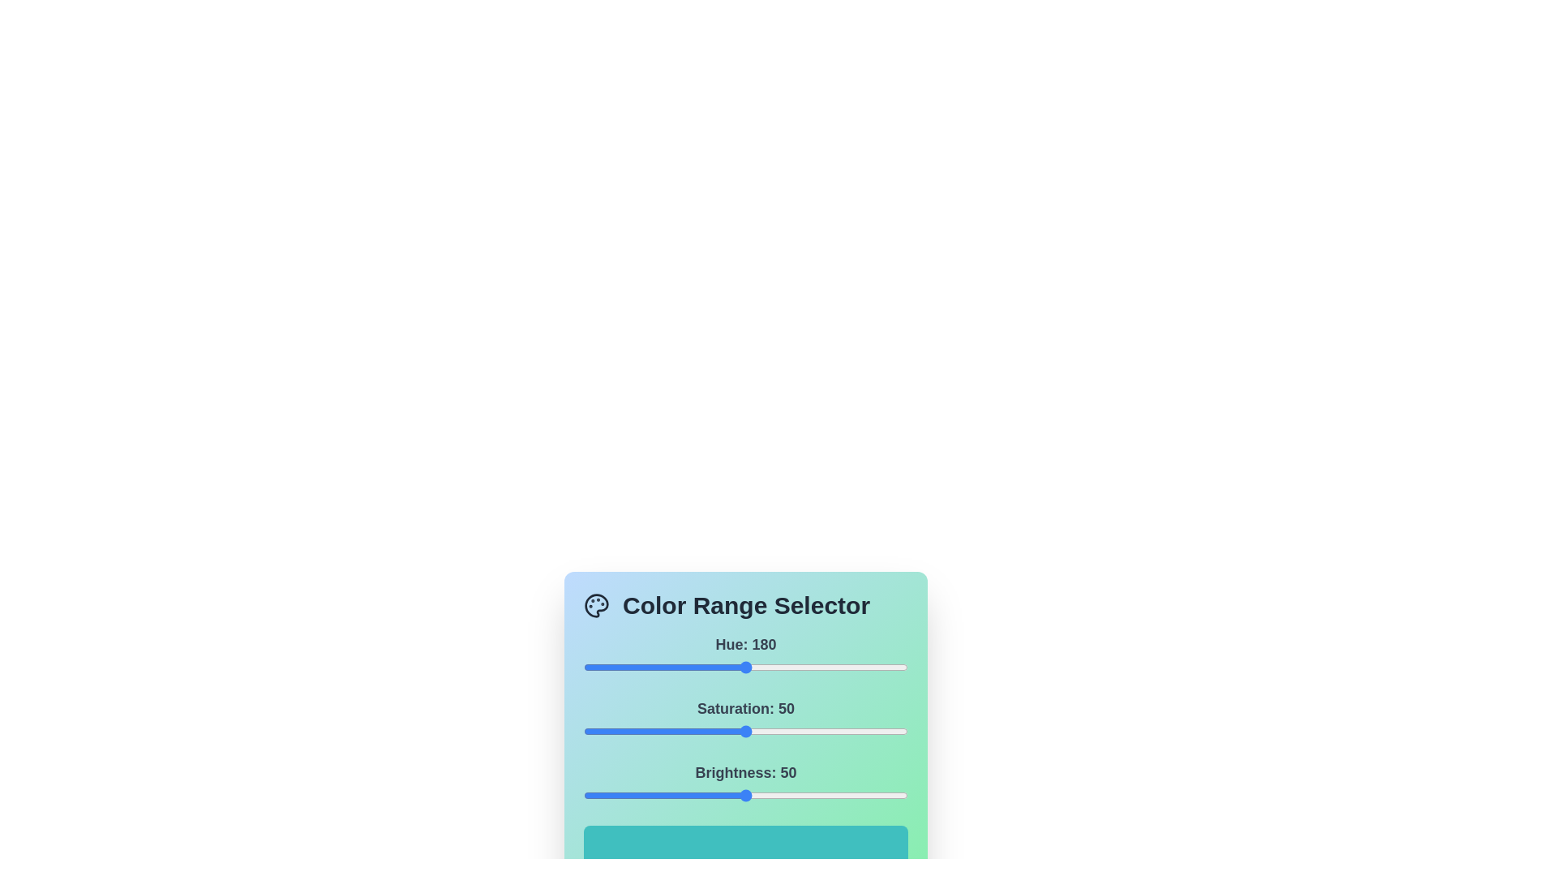 The height and width of the screenshot is (876, 1557). What do you see at coordinates (871, 732) in the screenshot?
I see `the saturation slider to set the saturation value to 89` at bounding box center [871, 732].